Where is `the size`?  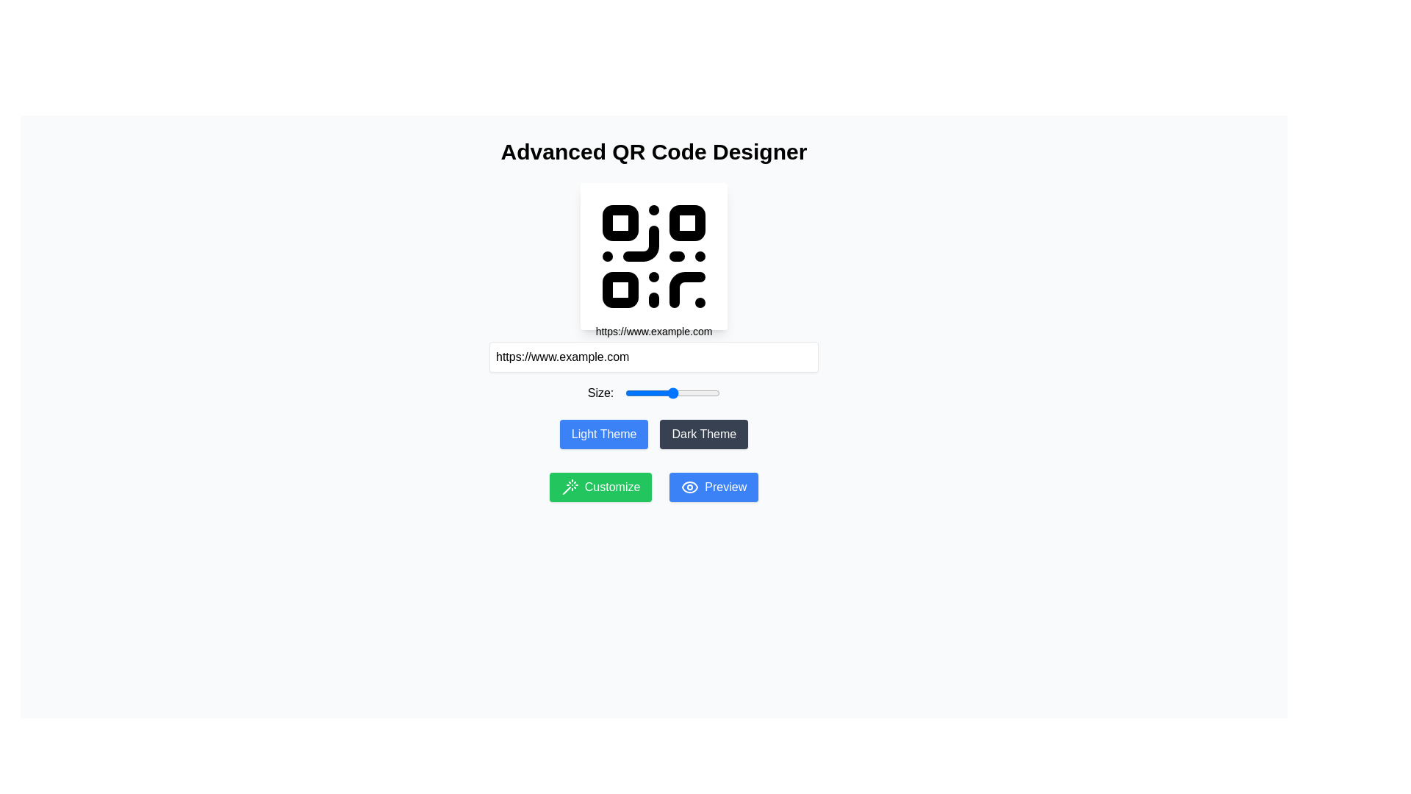
the size is located at coordinates (690, 393).